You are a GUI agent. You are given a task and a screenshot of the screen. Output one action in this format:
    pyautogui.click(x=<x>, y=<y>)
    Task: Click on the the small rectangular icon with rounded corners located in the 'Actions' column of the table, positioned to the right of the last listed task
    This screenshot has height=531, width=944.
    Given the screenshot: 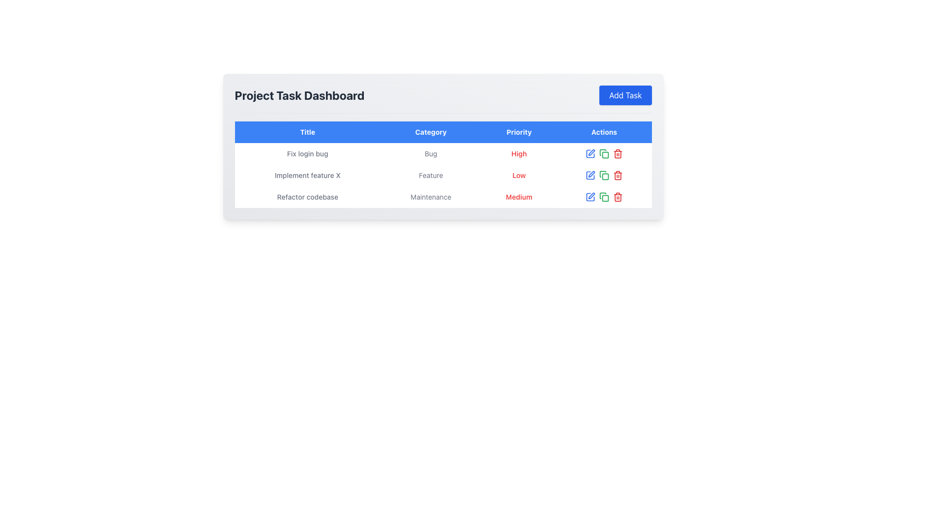 What is the action you would take?
    pyautogui.click(x=605, y=176)
    